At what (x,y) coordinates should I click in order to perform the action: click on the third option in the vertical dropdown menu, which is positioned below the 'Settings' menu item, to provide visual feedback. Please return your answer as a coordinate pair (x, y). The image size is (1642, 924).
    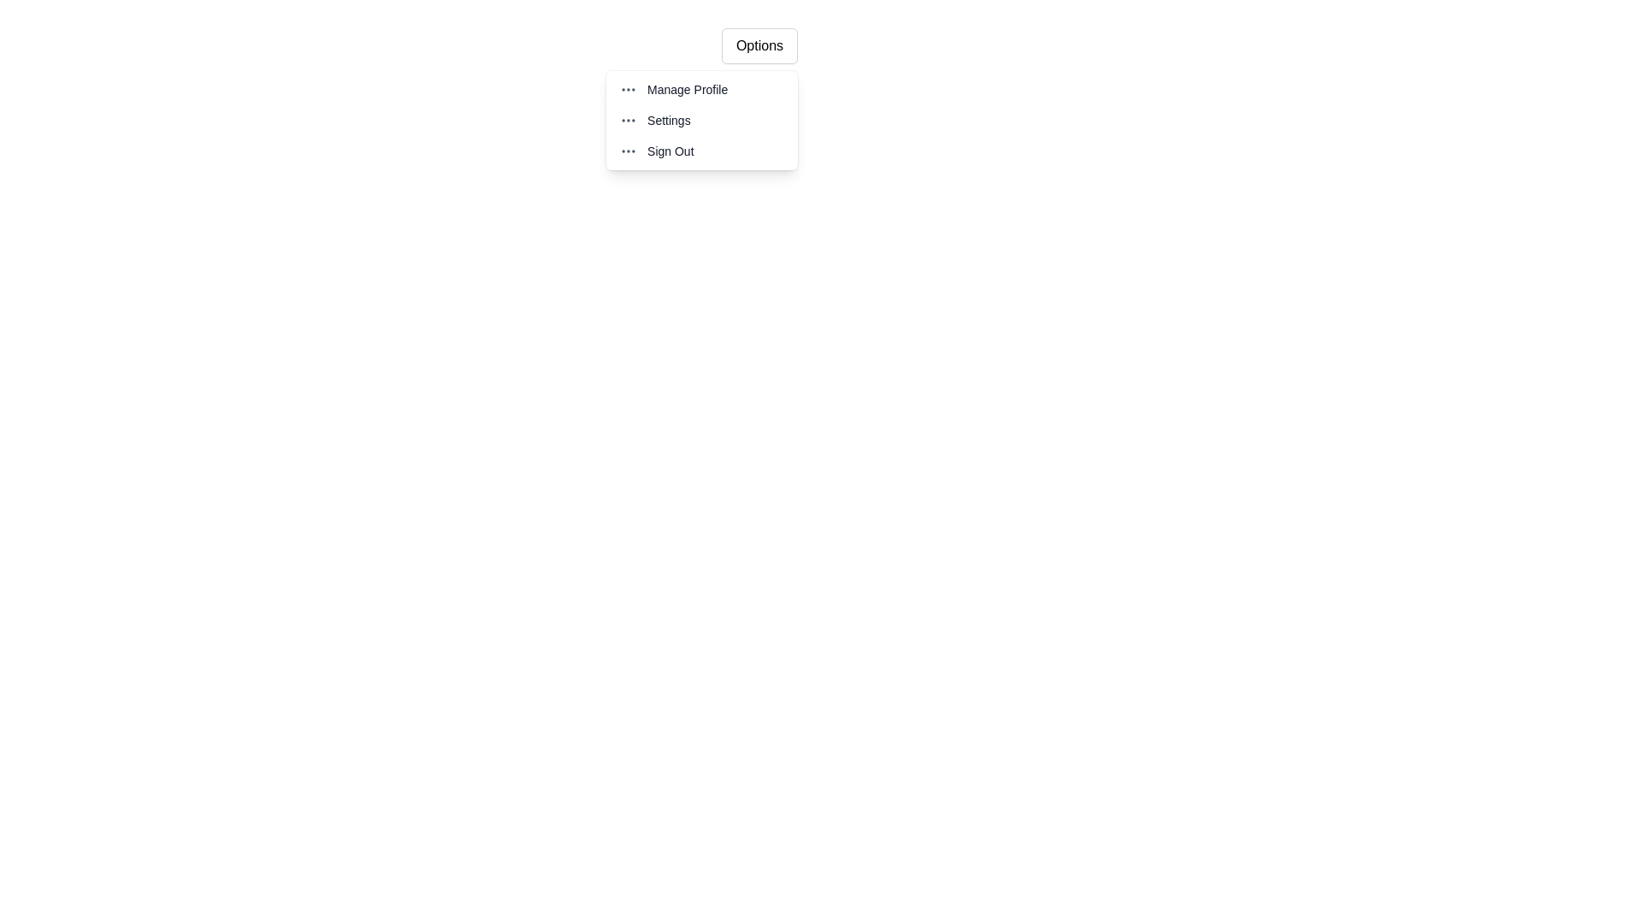
    Looking at the image, I should click on (701, 151).